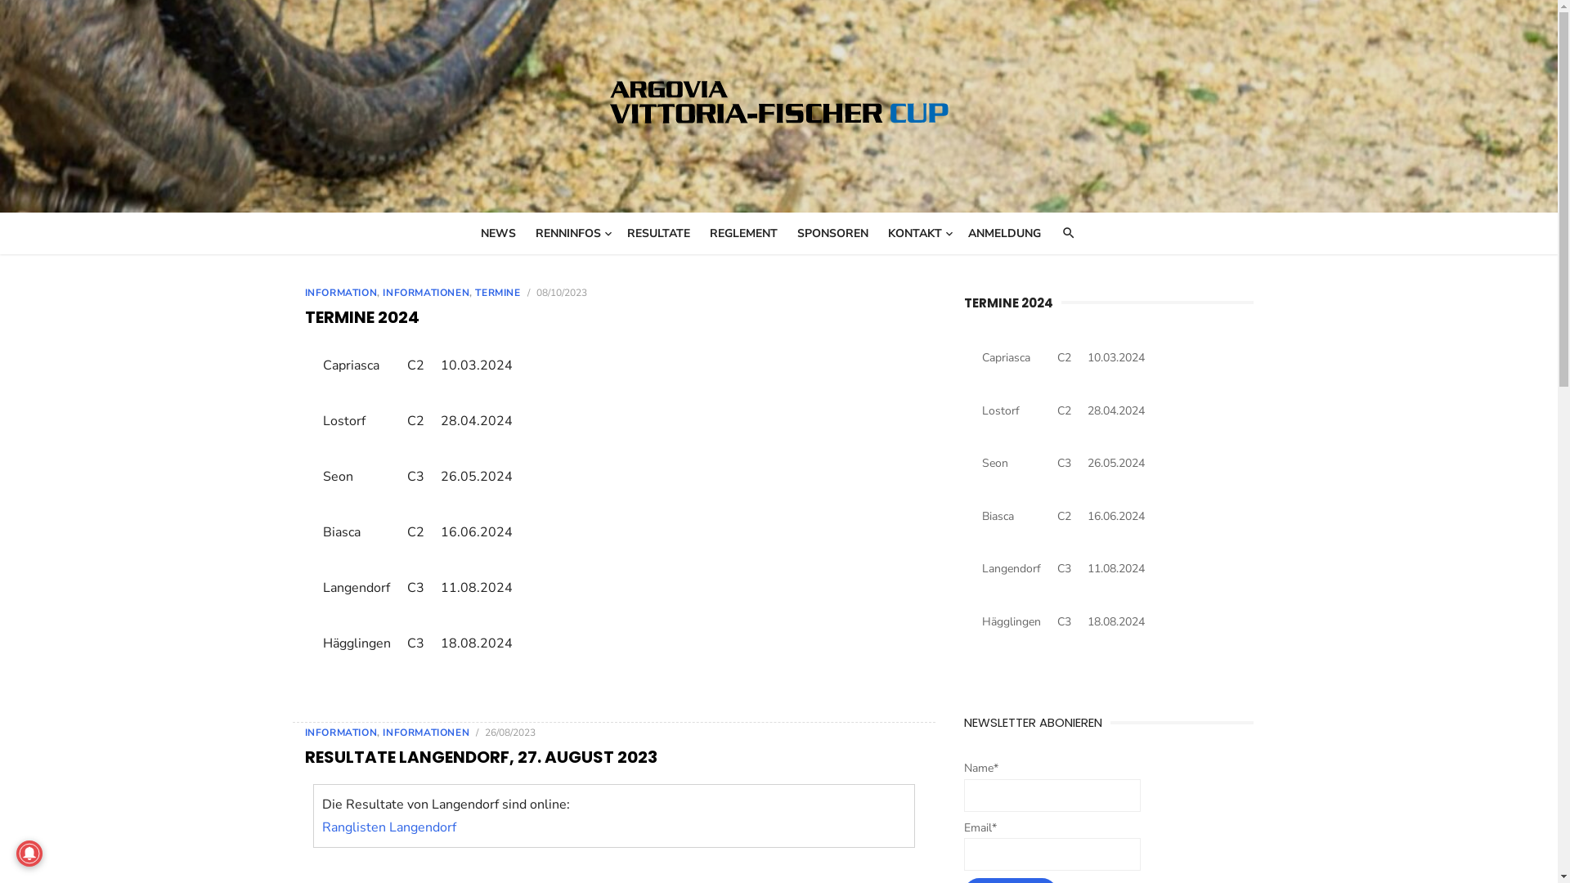 The width and height of the screenshot is (1570, 883). I want to click on 'REGLEMENT', so click(742, 233).